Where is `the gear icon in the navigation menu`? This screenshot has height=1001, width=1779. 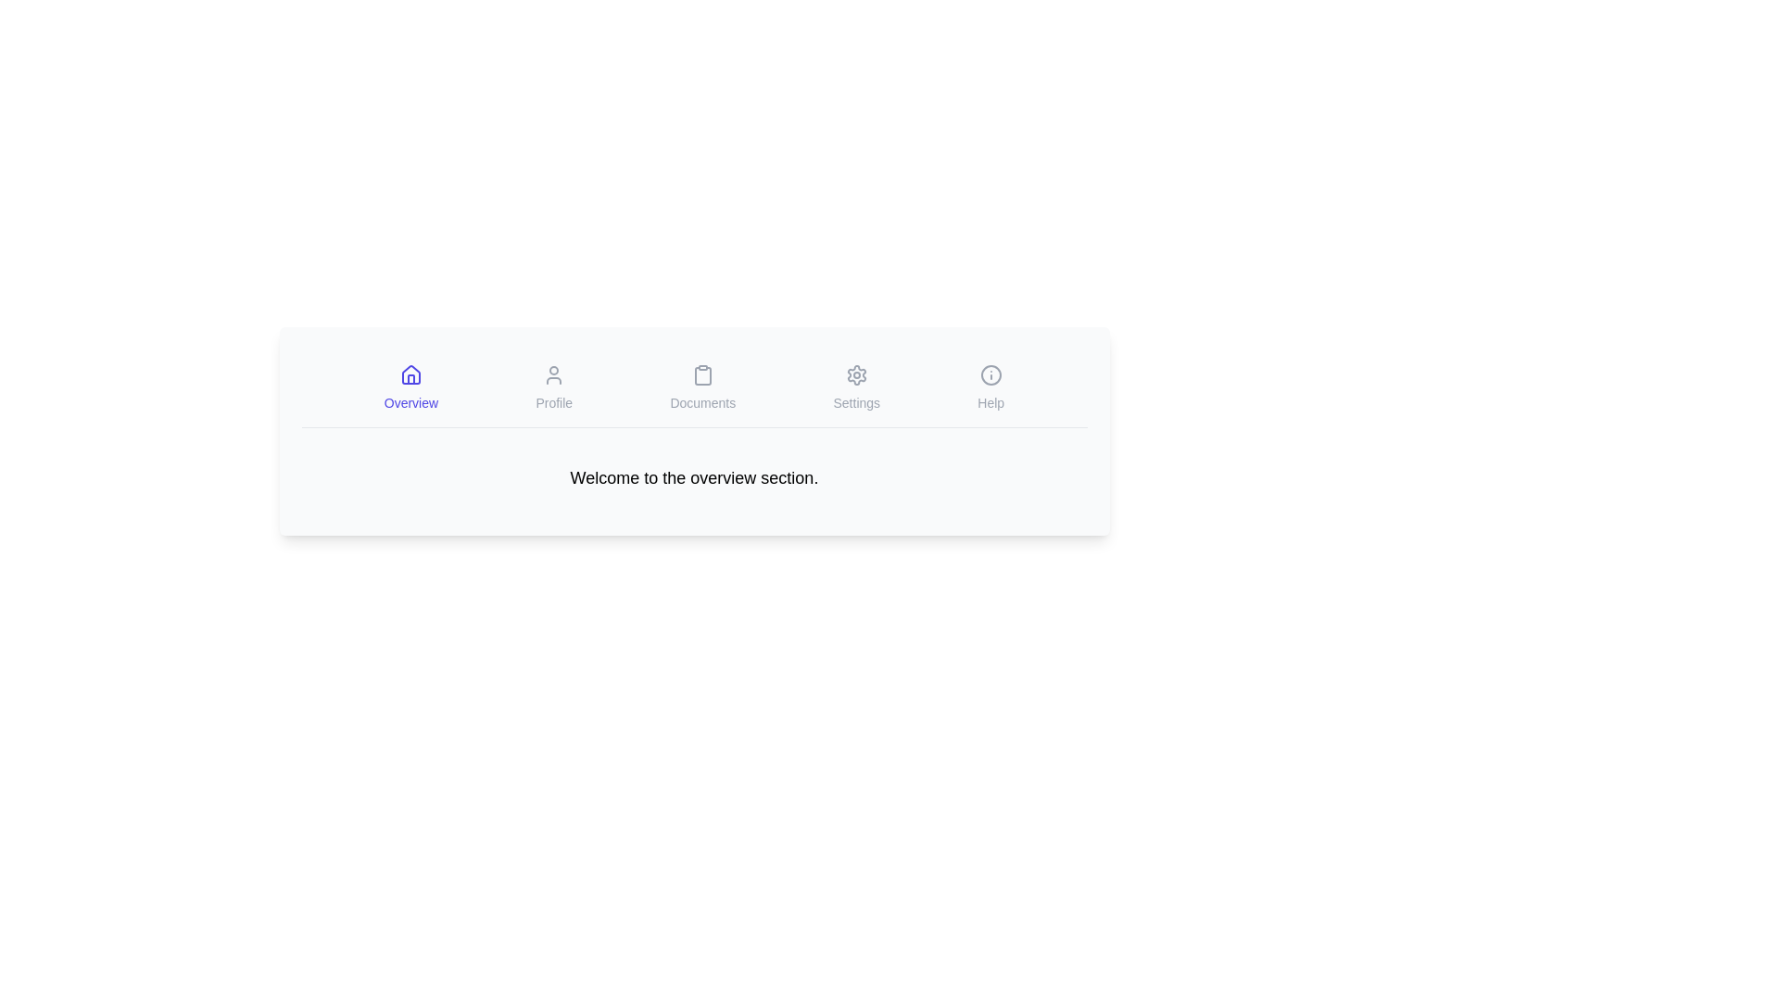 the gear icon in the navigation menu is located at coordinates (855, 375).